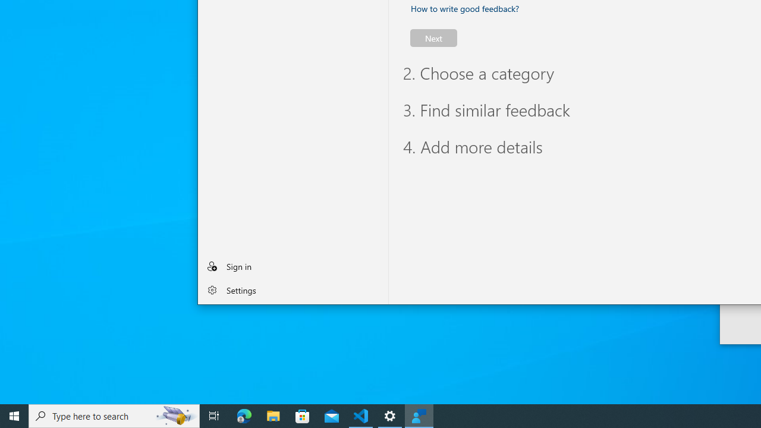  I want to click on 'Microsoft Store', so click(303, 415).